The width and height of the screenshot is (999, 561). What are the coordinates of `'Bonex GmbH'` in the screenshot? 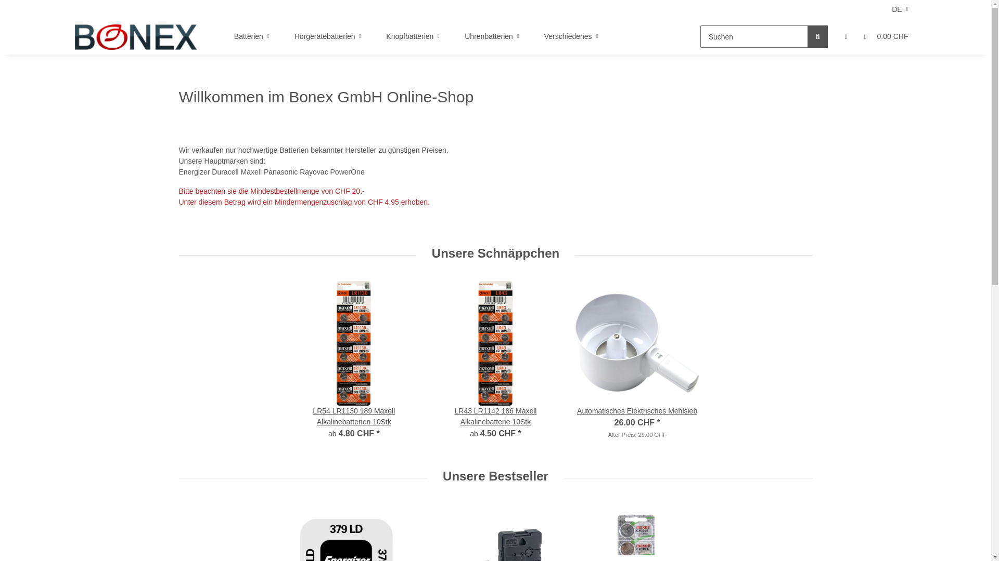 It's located at (135, 36).